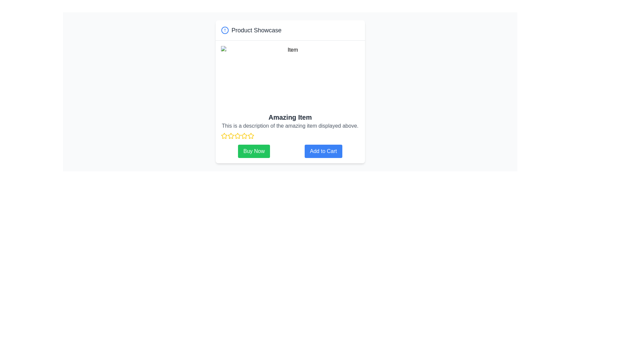 The height and width of the screenshot is (360, 640). I want to click on the Text label which serves as the title or headline for an item, centrally aligned below an image placeholder, so click(290, 117).